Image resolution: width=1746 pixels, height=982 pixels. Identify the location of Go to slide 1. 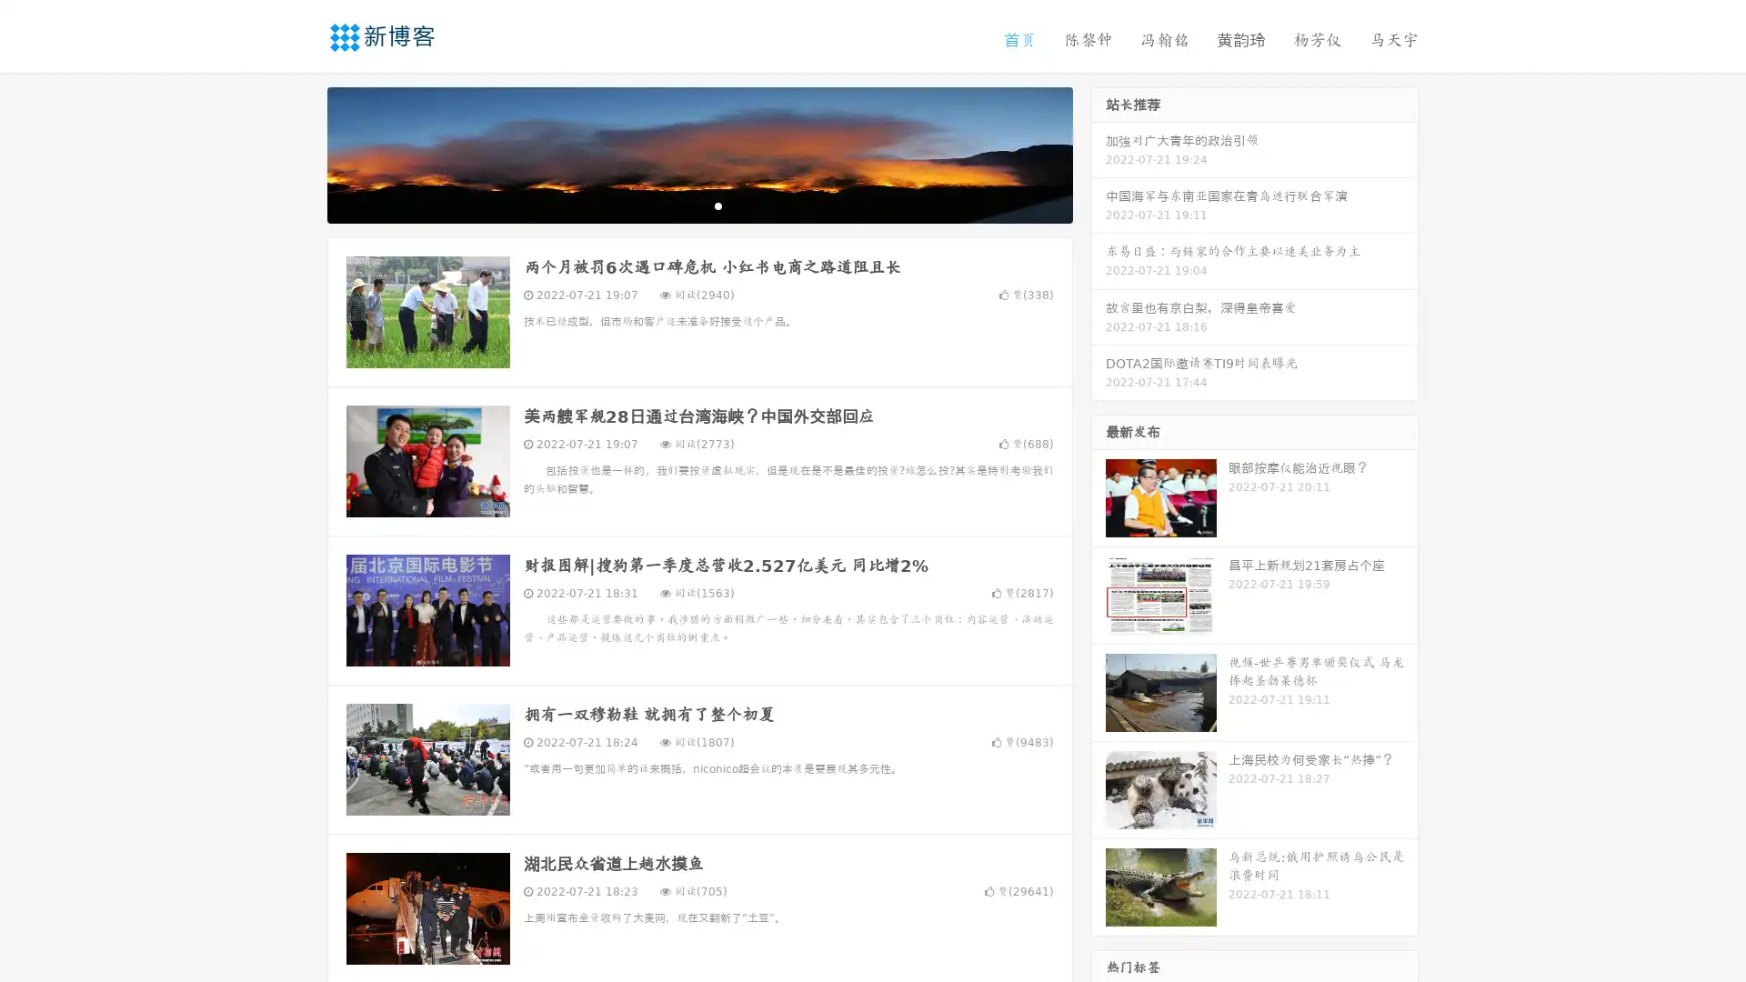
(680, 205).